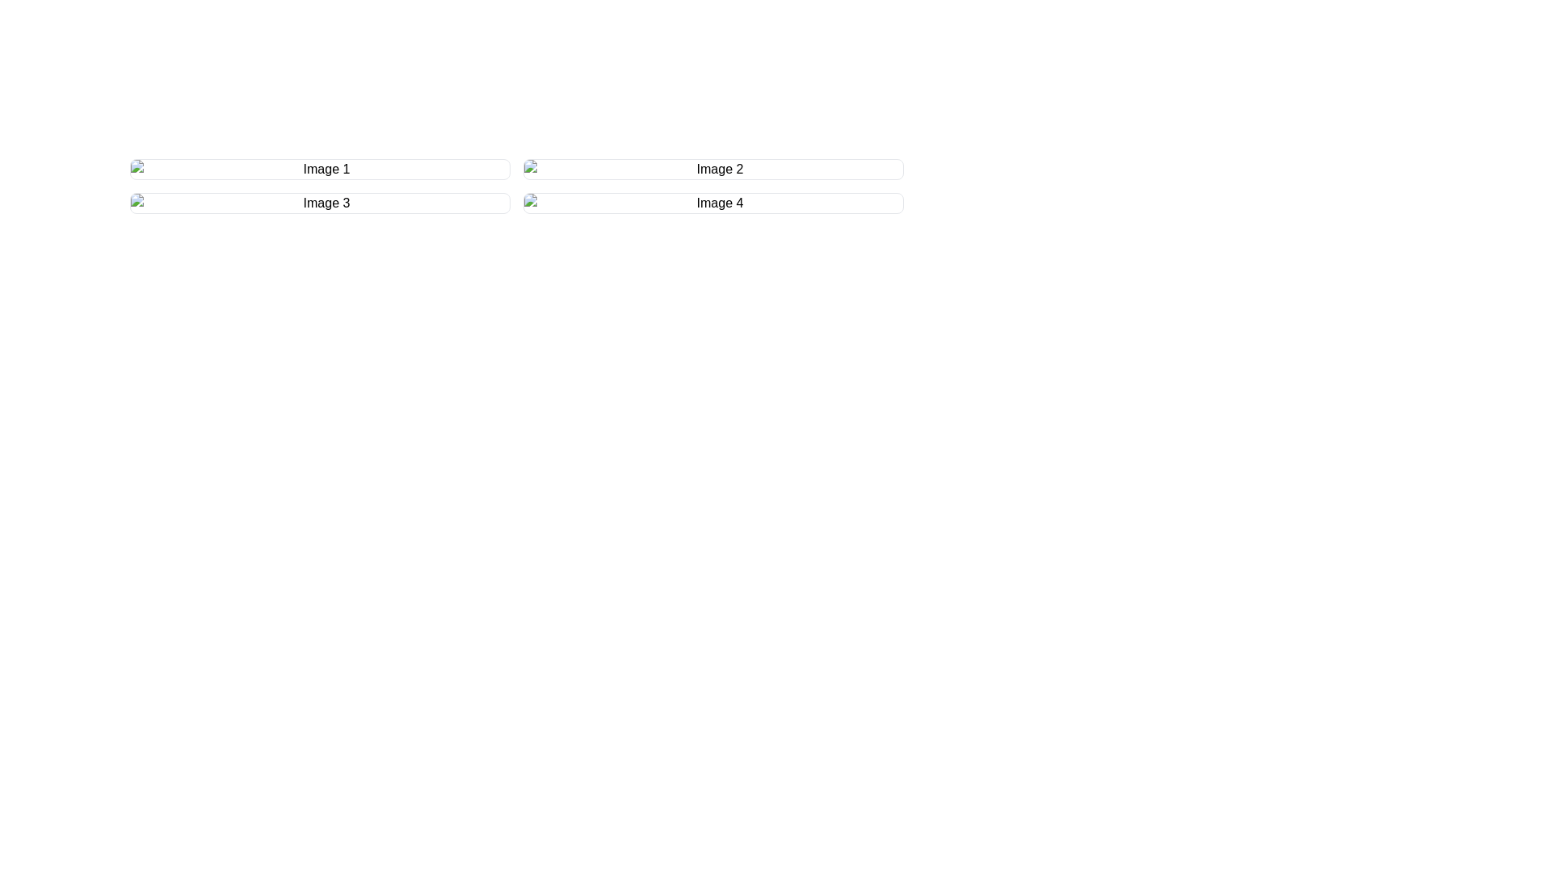 Image resolution: width=1551 pixels, height=872 pixels. Describe the element at coordinates (320, 202) in the screenshot. I see `the placeholder image with alternate text 'Image 3', which is a medium-sized rectangular graphic located in the second row of the grid layout` at that location.